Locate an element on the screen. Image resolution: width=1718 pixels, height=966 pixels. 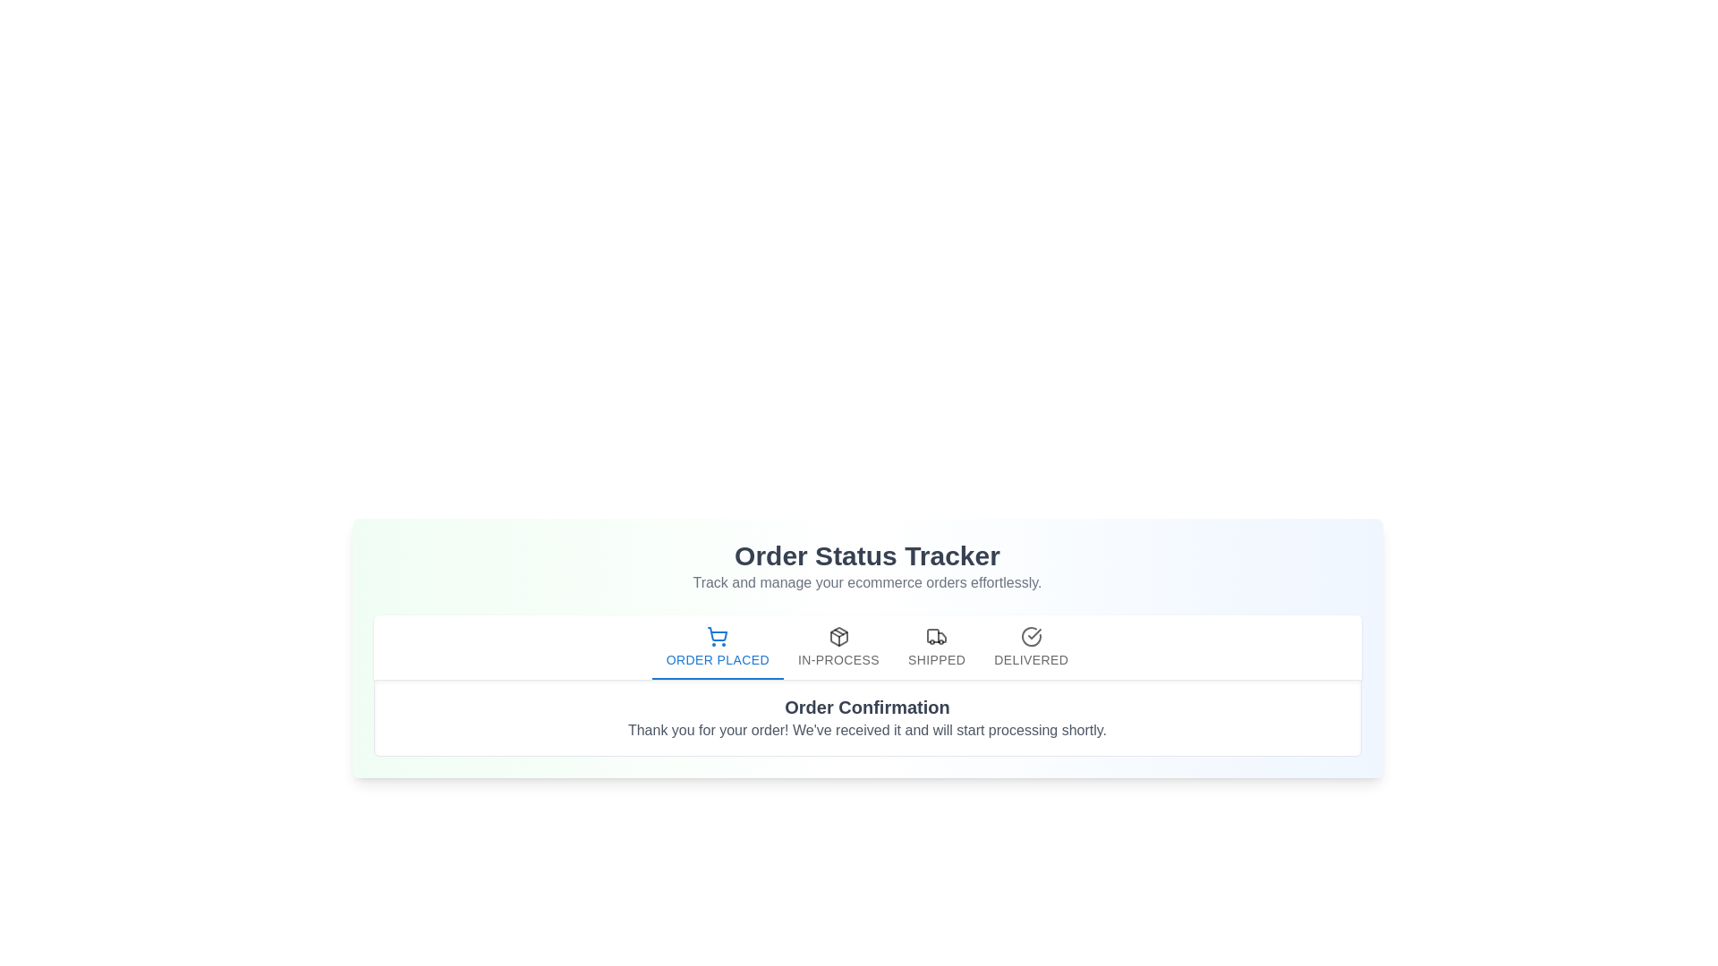
the graphical icon representing progress or completion, which features a circular outline with a checkmark inside, located in the fourth position among the progress icons labeled 'Order Placed,' 'In-Process,' 'Shipped,' and 'Delivered.' is located at coordinates (1031, 636).